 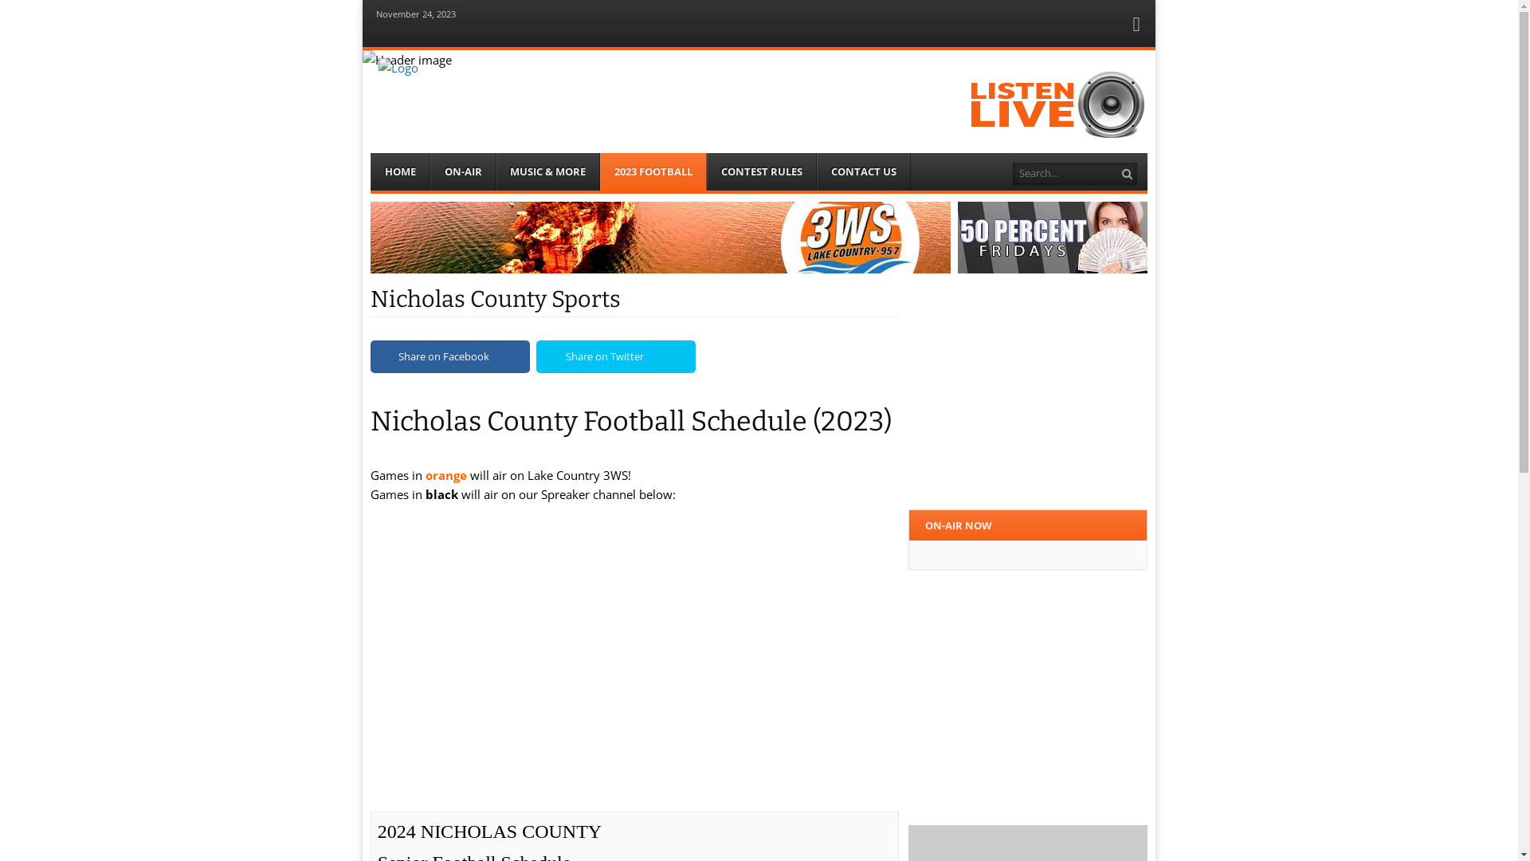 I want to click on 'CONTEST RULES', so click(x=706, y=171).